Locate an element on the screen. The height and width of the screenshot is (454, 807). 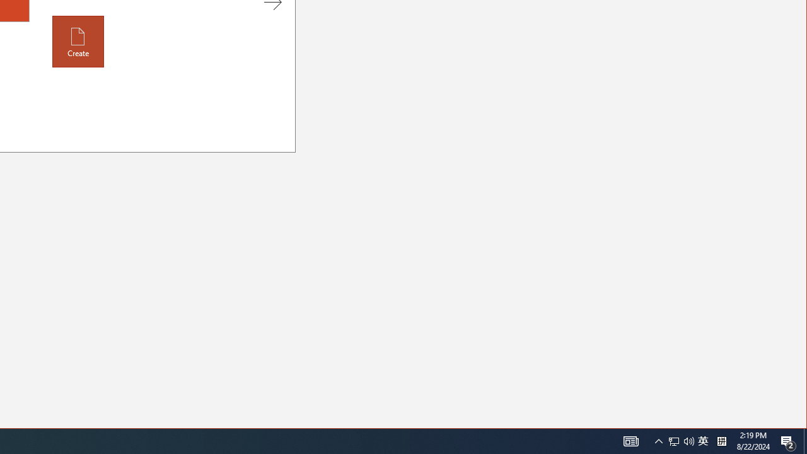
'Q2790: 100%' is located at coordinates (702, 440).